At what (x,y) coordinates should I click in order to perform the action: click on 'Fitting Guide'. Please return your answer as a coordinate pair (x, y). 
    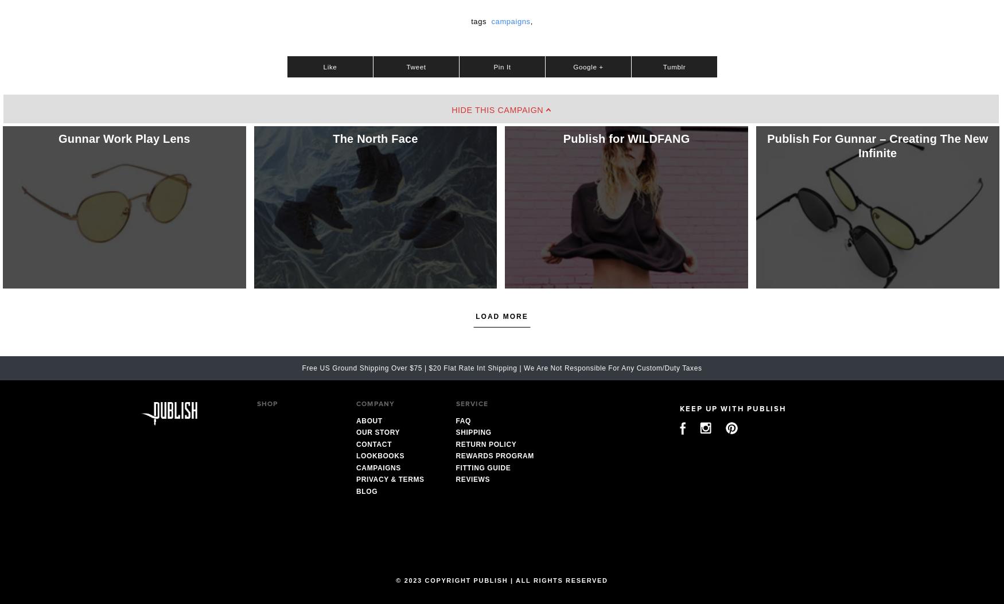
    Looking at the image, I should click on (482, 467).